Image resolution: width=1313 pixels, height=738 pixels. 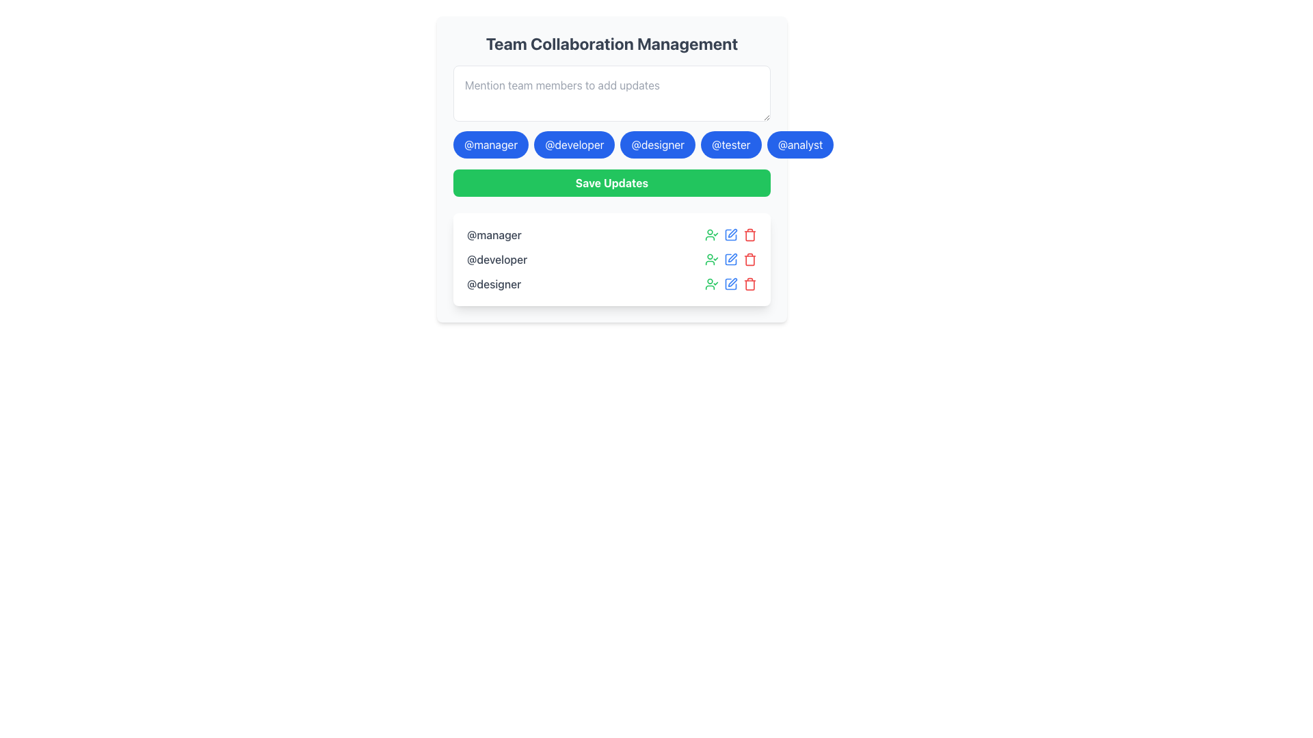 What do you see at coordinates (496, 260) in the screenshot?
I see `text from the text label displaying '@developer', which is the second item in a vertical list located between '@manager' and '@designer'` at bounding box center [496, 260].